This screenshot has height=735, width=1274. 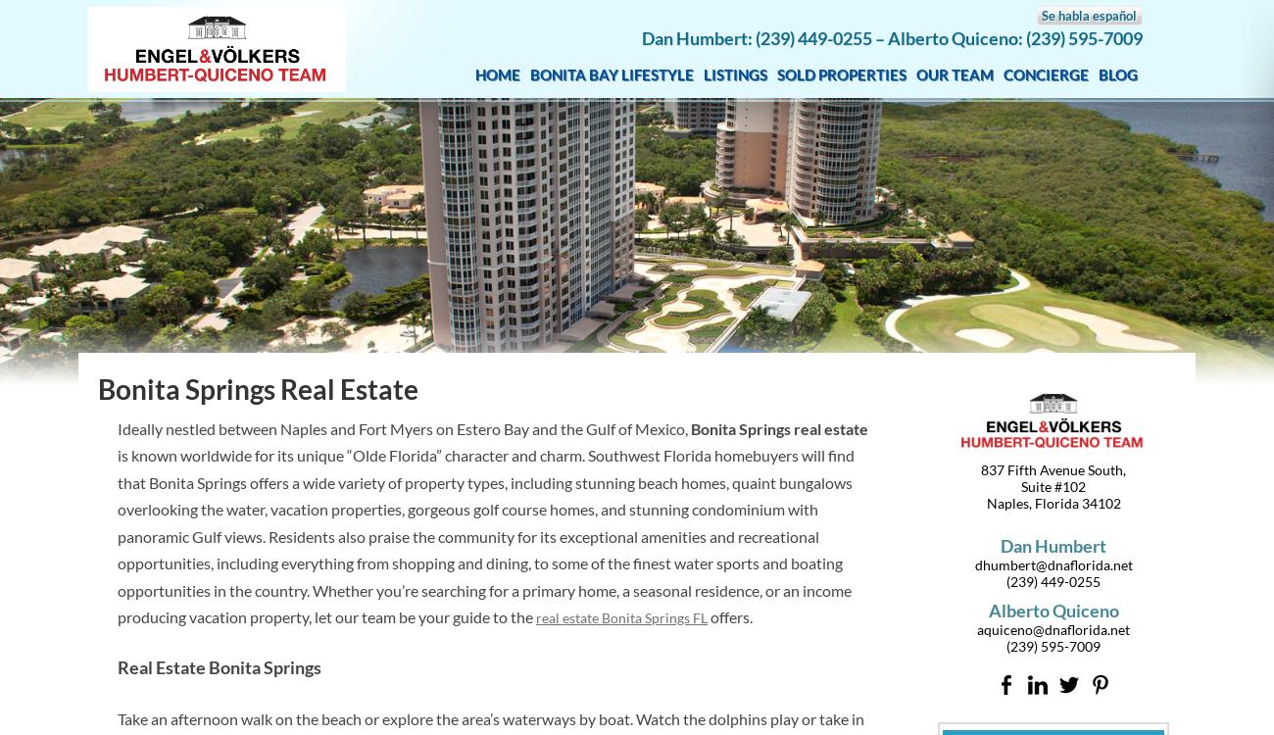 What do you see at coordinates (1053, 645) in the screenshot?
I see `'(239) 595-7009'` at bounding box center [1053, 645].